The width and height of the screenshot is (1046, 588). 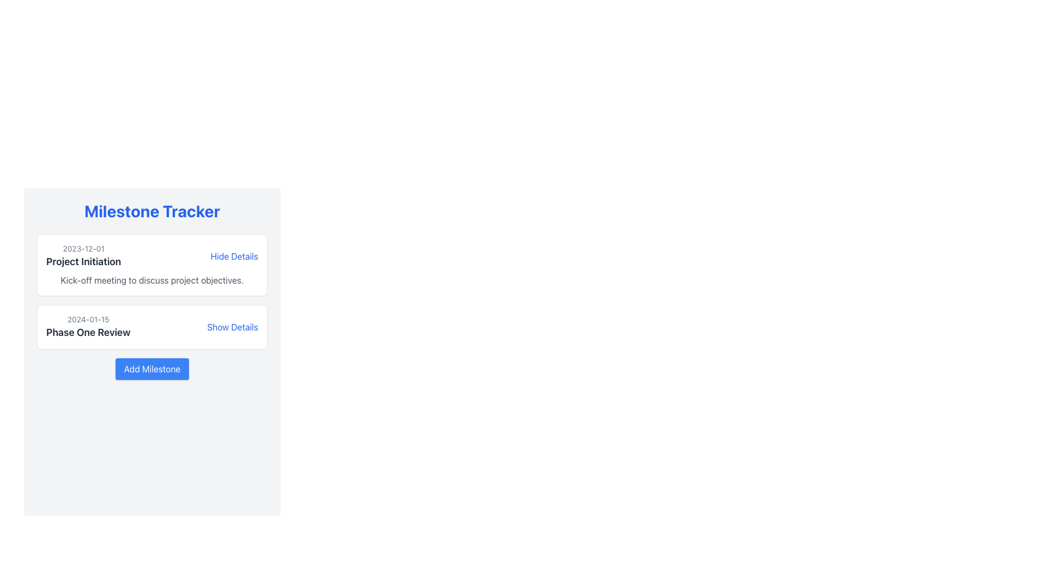 What do you see at coordinates (232, 327) in the screenshot?
I see `the 'Show Details' text link, which is styled in blue with an underlined hover effect, located in the second prominent block to the right of the 'Phase One Review' title` at bounding box center [232, 327].